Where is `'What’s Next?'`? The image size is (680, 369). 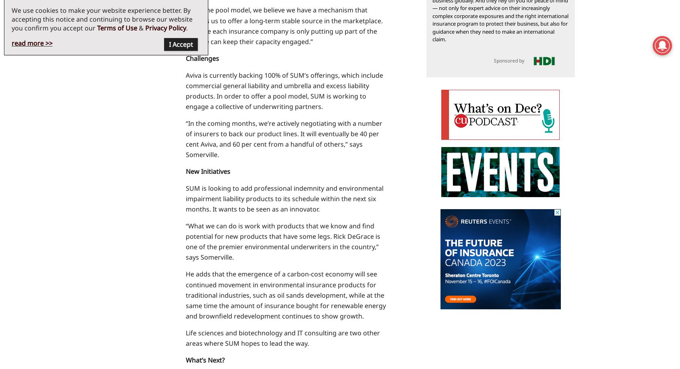
'What’s Next?' is located at coordinates (204, 359).